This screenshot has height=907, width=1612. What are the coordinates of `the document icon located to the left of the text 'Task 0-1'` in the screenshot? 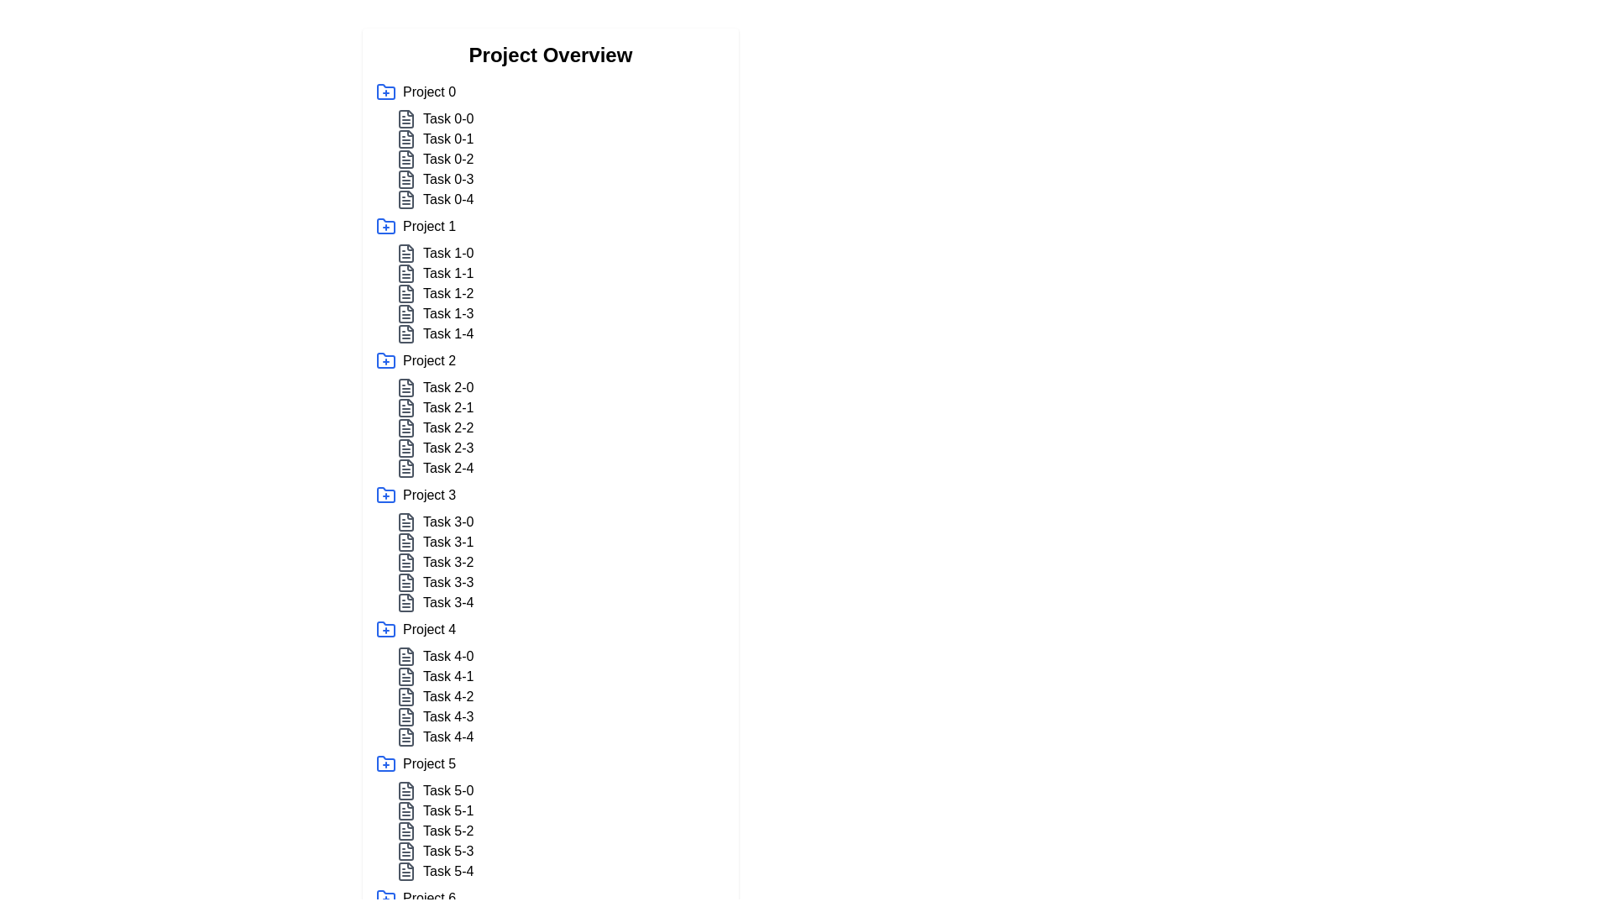 It's located at (406, 138).